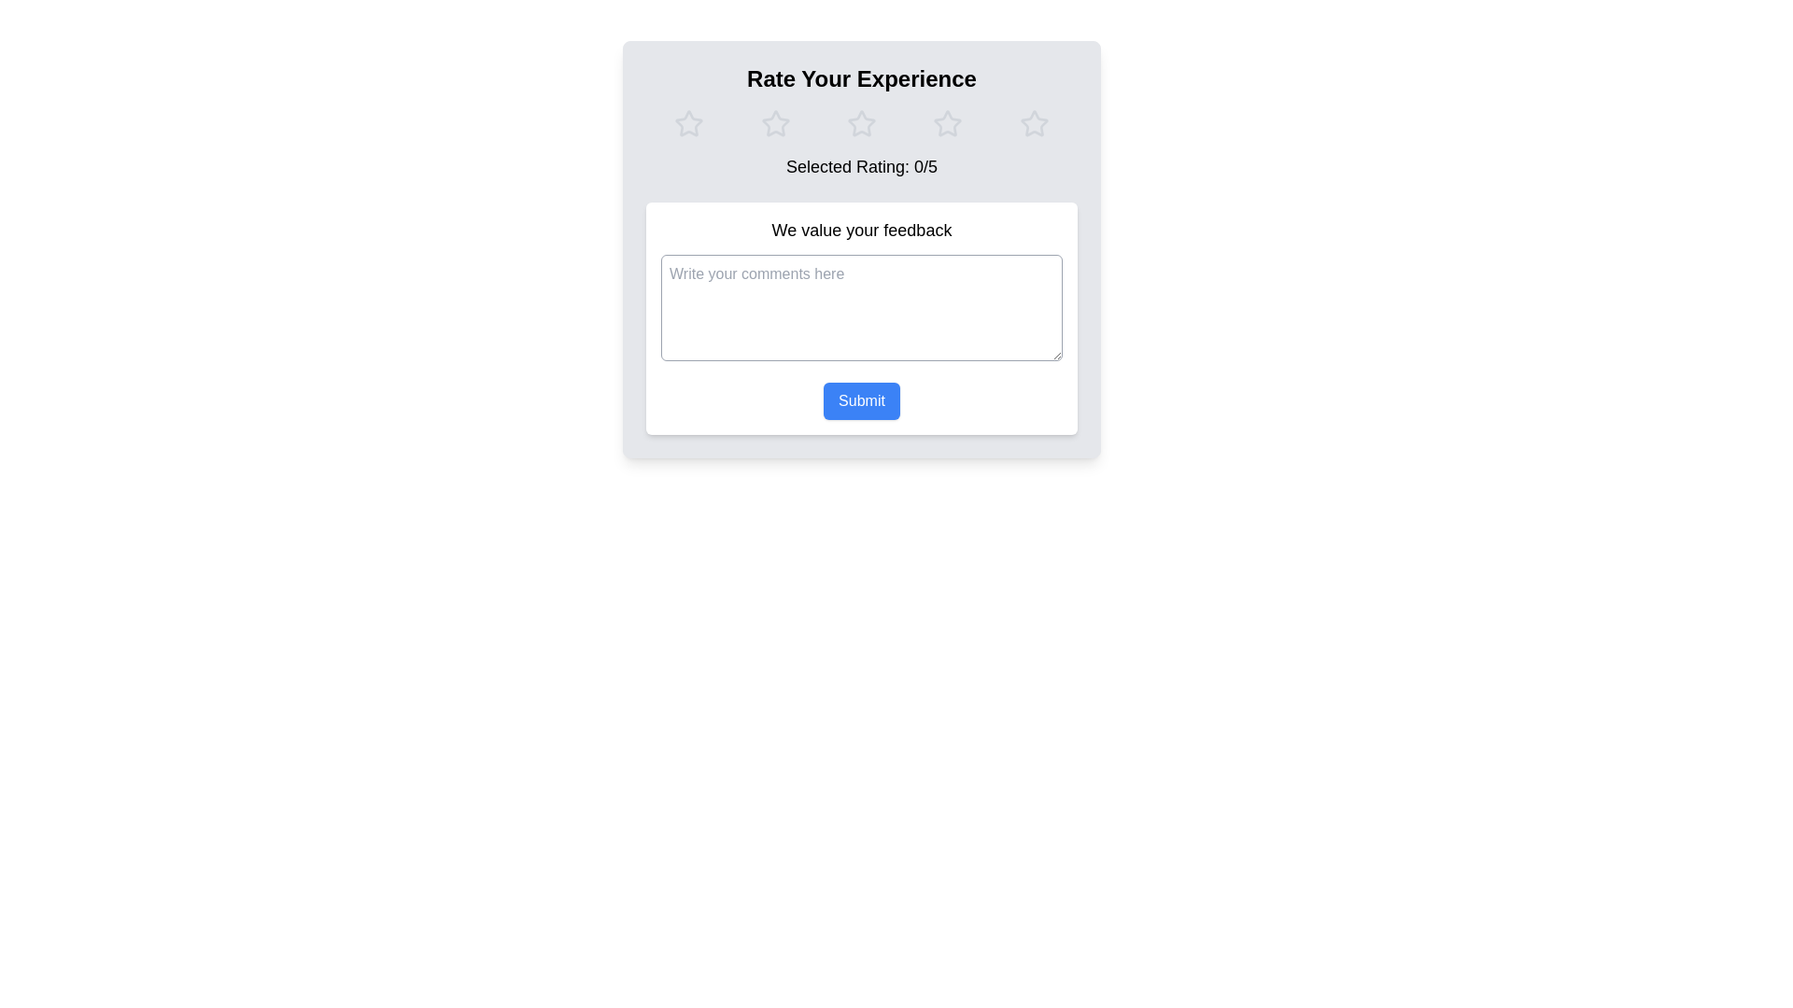 Image resolution: width=1793 pixels, height=1008 pixels. Describe the element at coordinates (860, 229) in the screenshot. I see `the Text Label that provides an introductory message for user feedback, located above the text input field with placeholder 'Write your comments here'` at that location.